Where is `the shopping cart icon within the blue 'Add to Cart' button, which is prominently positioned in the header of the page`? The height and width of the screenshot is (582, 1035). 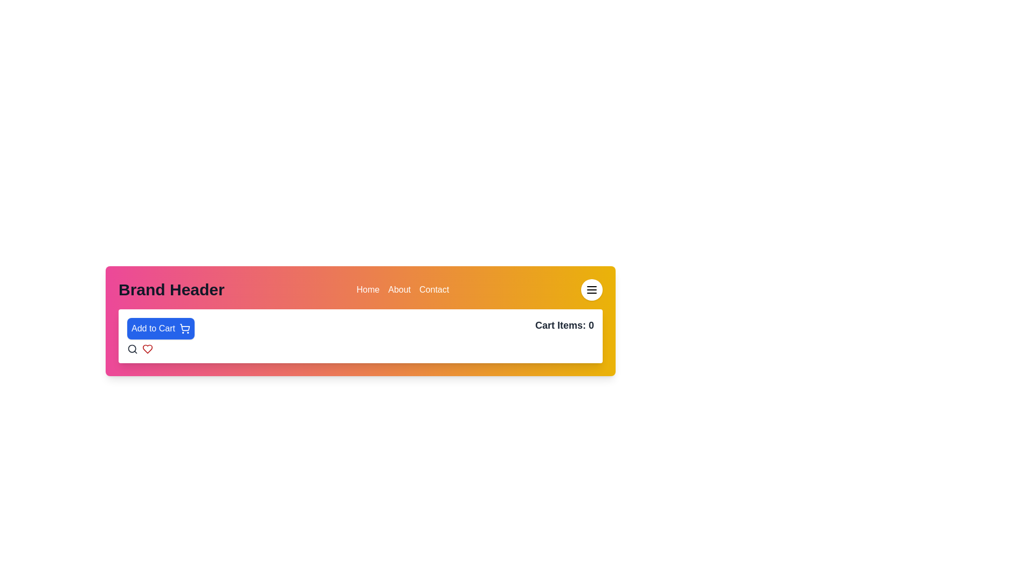 the shopping cart icon within the blue 'Add to Cart' button, which is prominently positioned in the header of the page is located at coordinates (184, 327).